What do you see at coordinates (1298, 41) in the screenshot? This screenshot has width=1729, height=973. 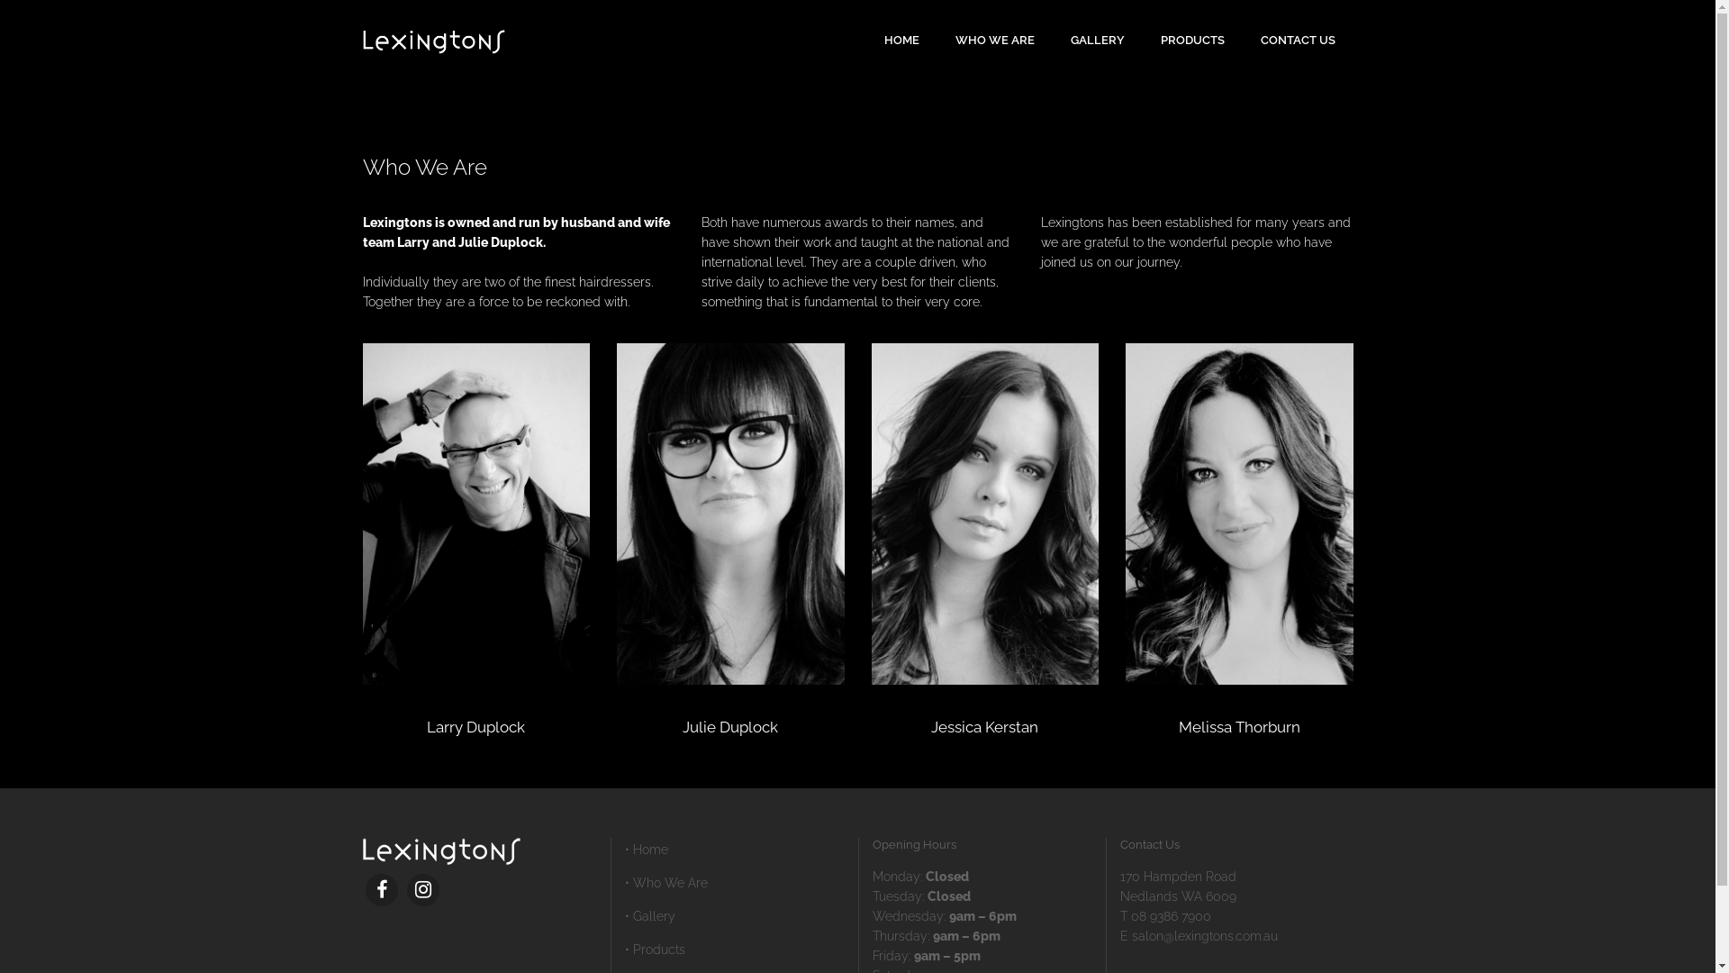 I see `'CONTACT US'` at bounding box center [1298, 41].